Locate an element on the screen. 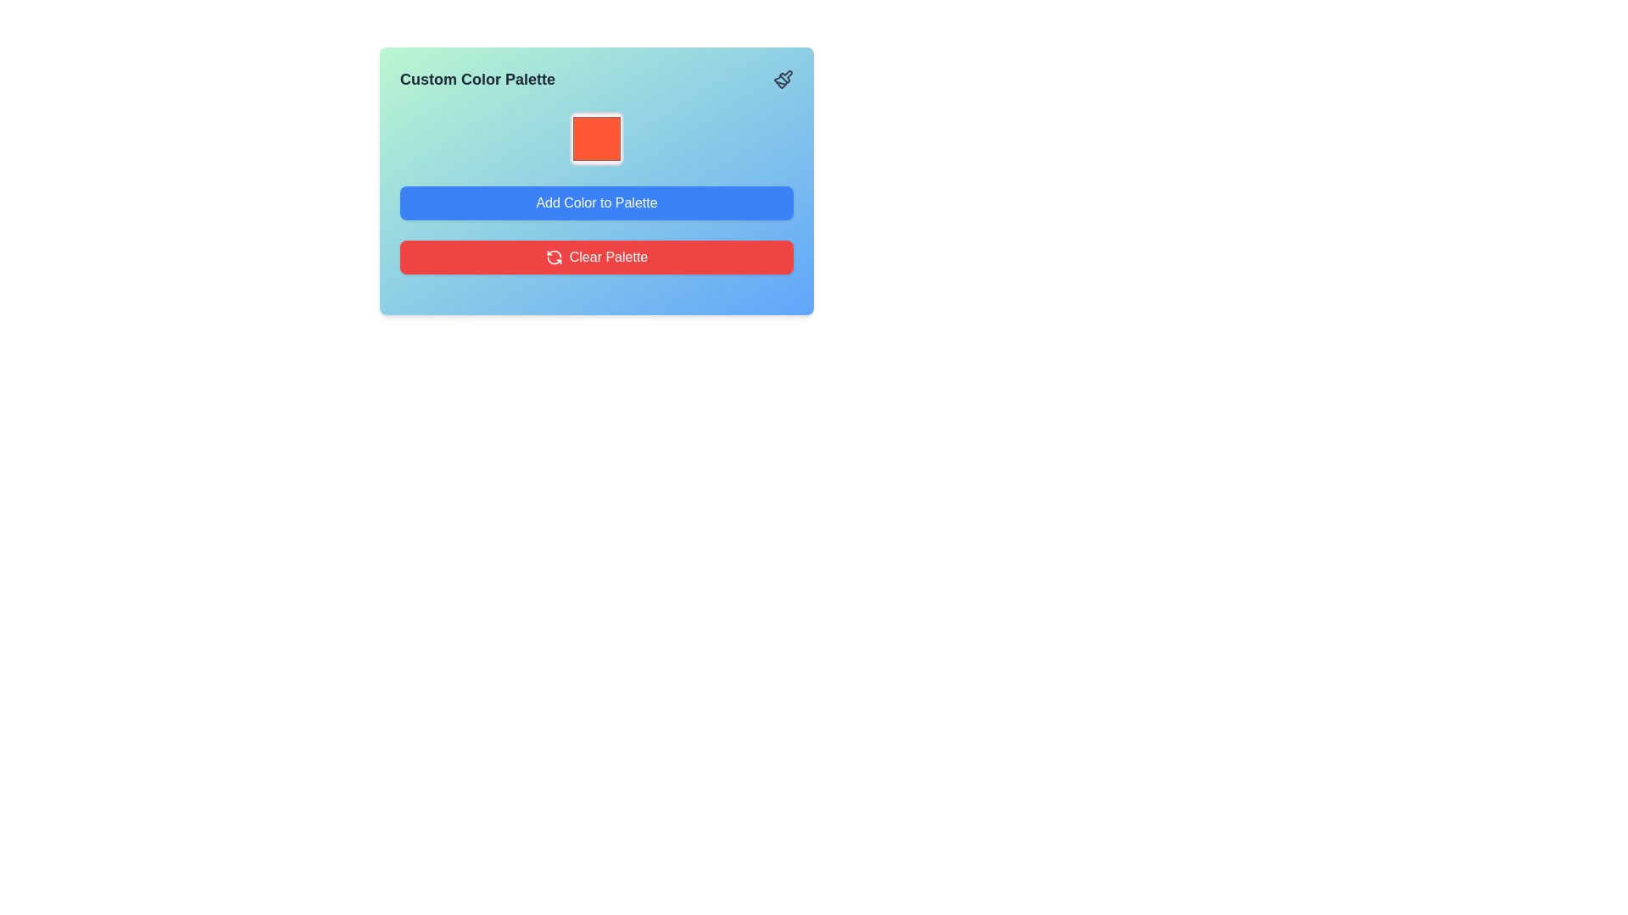  the bright orange color picker swatch located at the top center of the 'Custom Color Palette' card is located at coordinates (597, 138).